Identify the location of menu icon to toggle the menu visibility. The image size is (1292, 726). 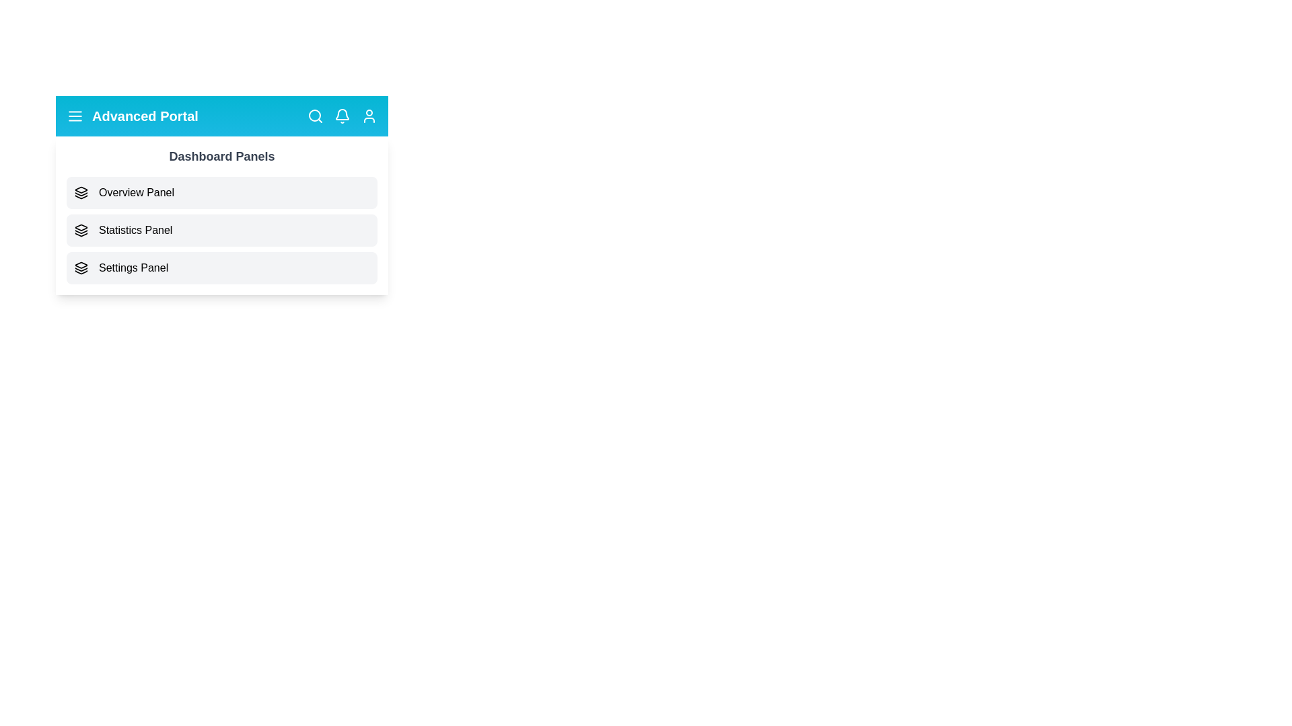
(74, 116).